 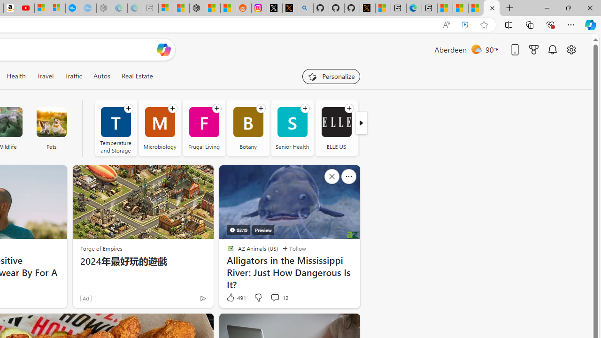 What do you see at coordinates (293, 248) in the screenshot?
I see `'Follow'` at bounding box center [293, 248].